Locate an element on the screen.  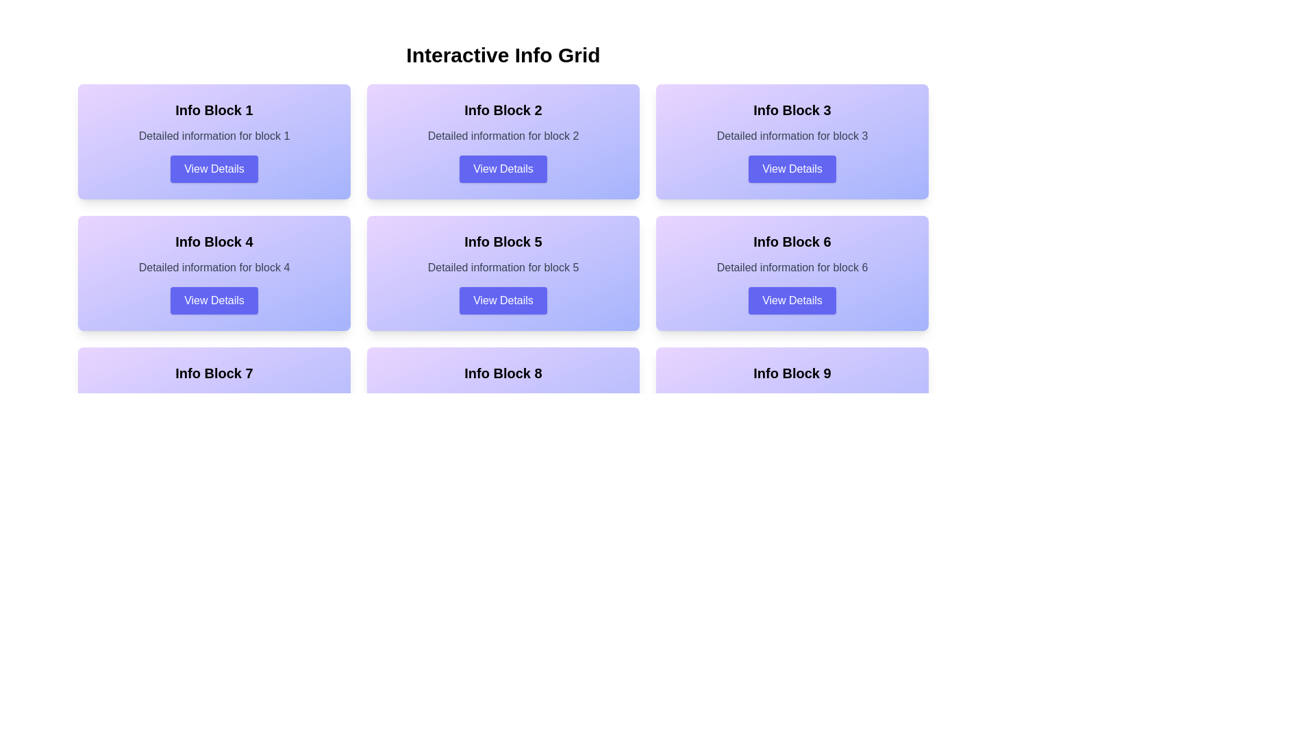
the bold text label 'Info Block 7' which is centered within a purple card in the second row, first column of a 3x3 grid is located at coordinates (213, 373).